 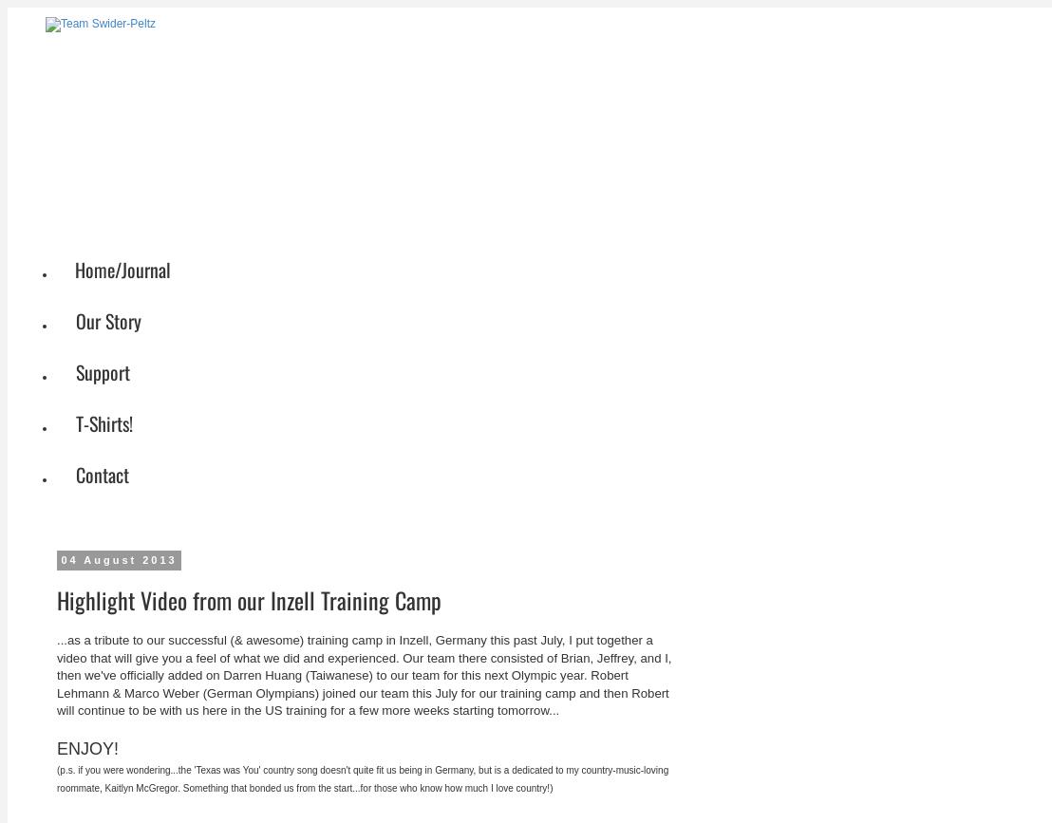 What do you see at coordinates (89, 747) in the screenshot?
I see `'ENJOY!'` at bounding box center [89, 747].